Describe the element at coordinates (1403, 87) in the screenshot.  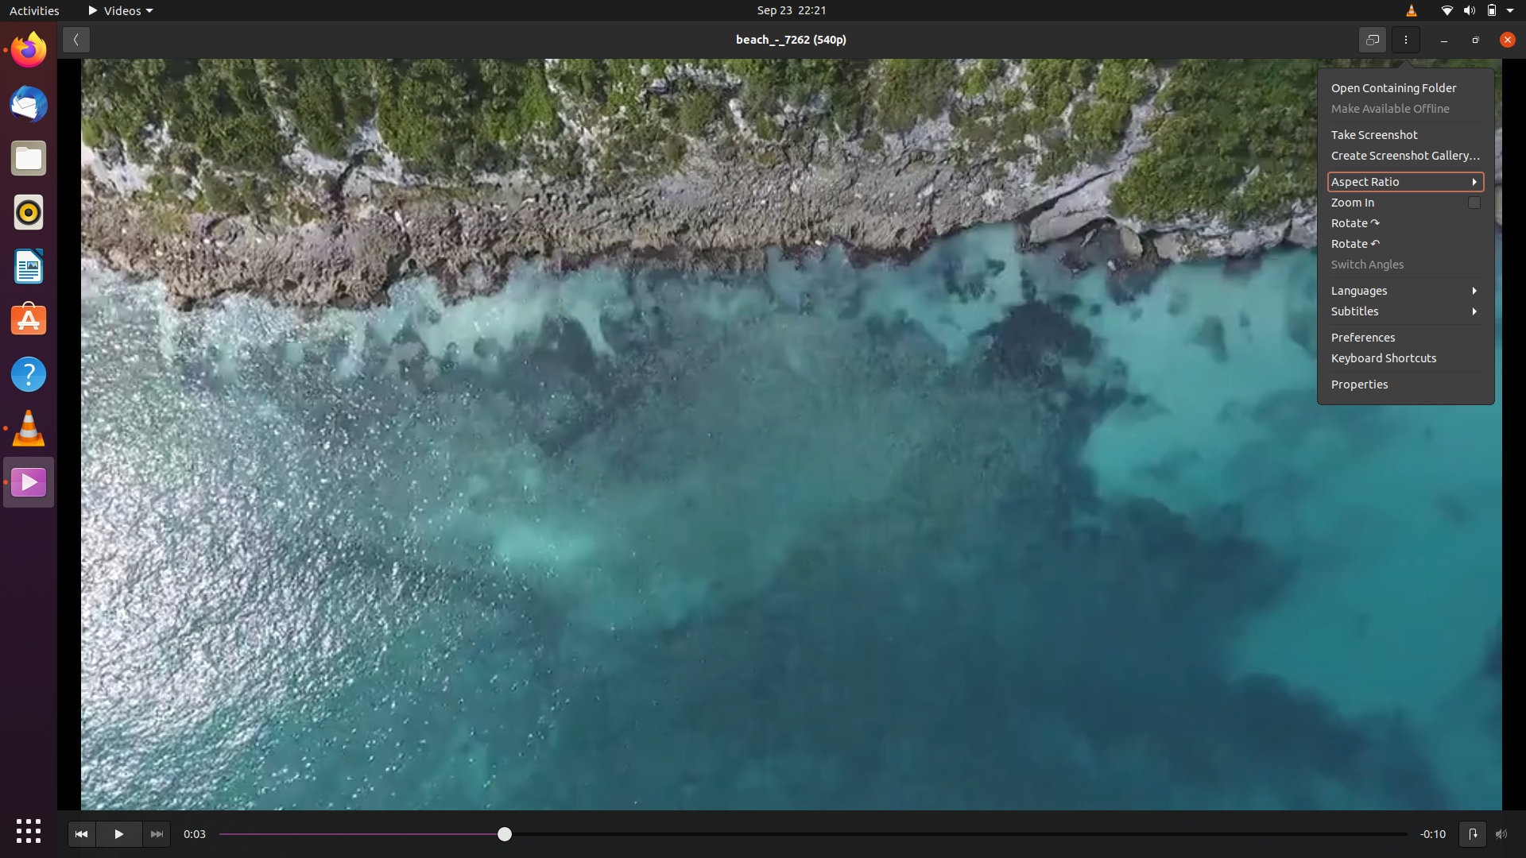
I see `the directory where the current video is located` at that location.